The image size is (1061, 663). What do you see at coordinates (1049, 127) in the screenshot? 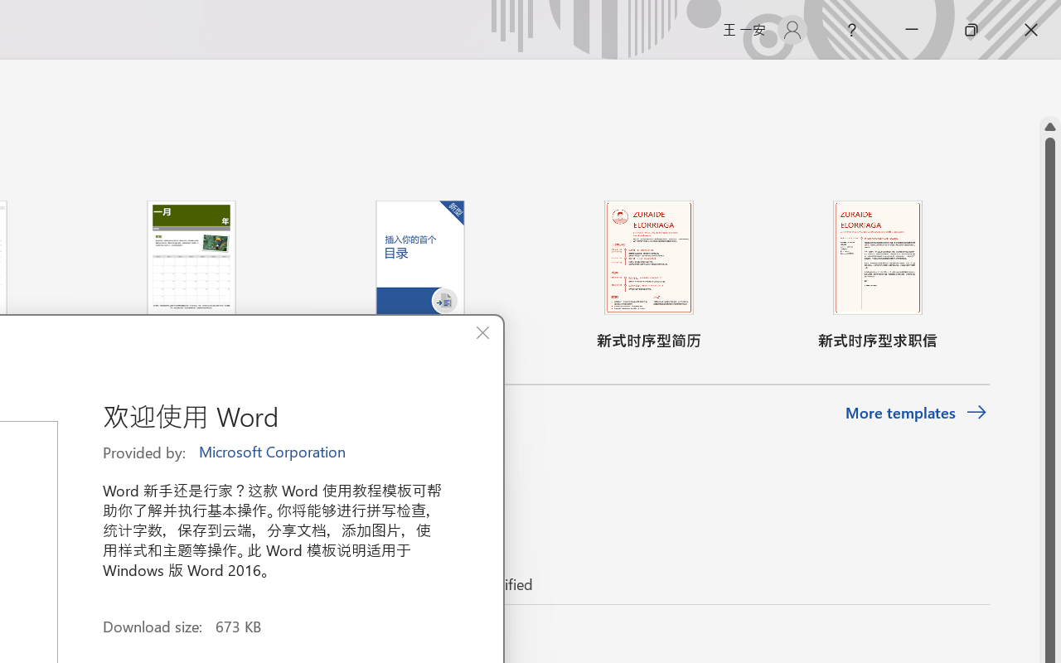
I see `'Line up'` at bounding box center [1049, 127].